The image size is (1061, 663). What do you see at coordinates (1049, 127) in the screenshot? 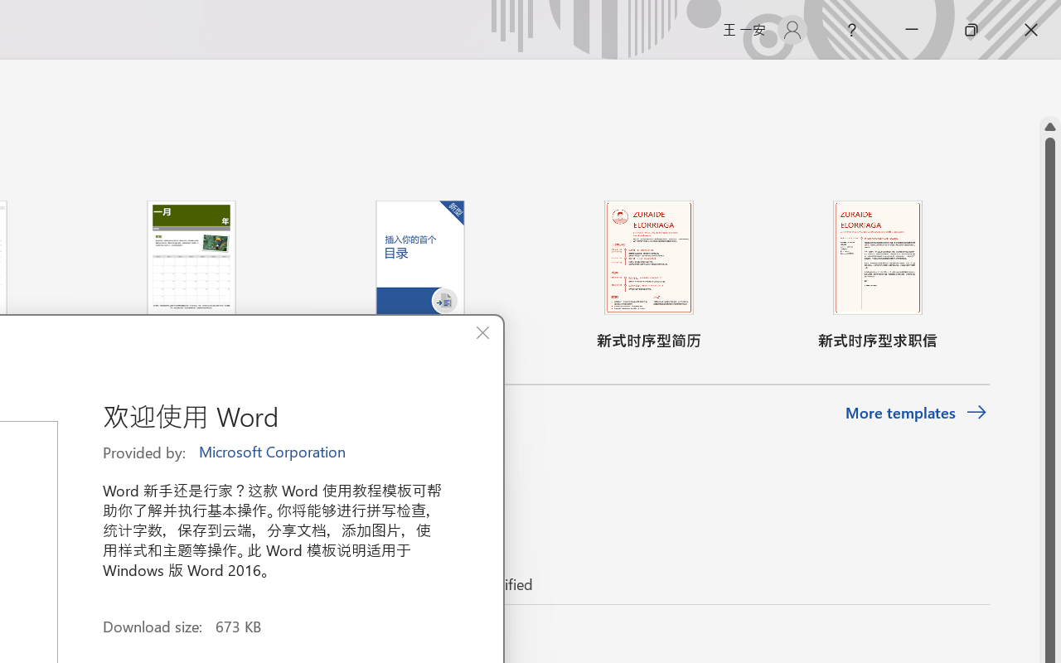
I see `'Line up'` at bounding box center [1049, 127].